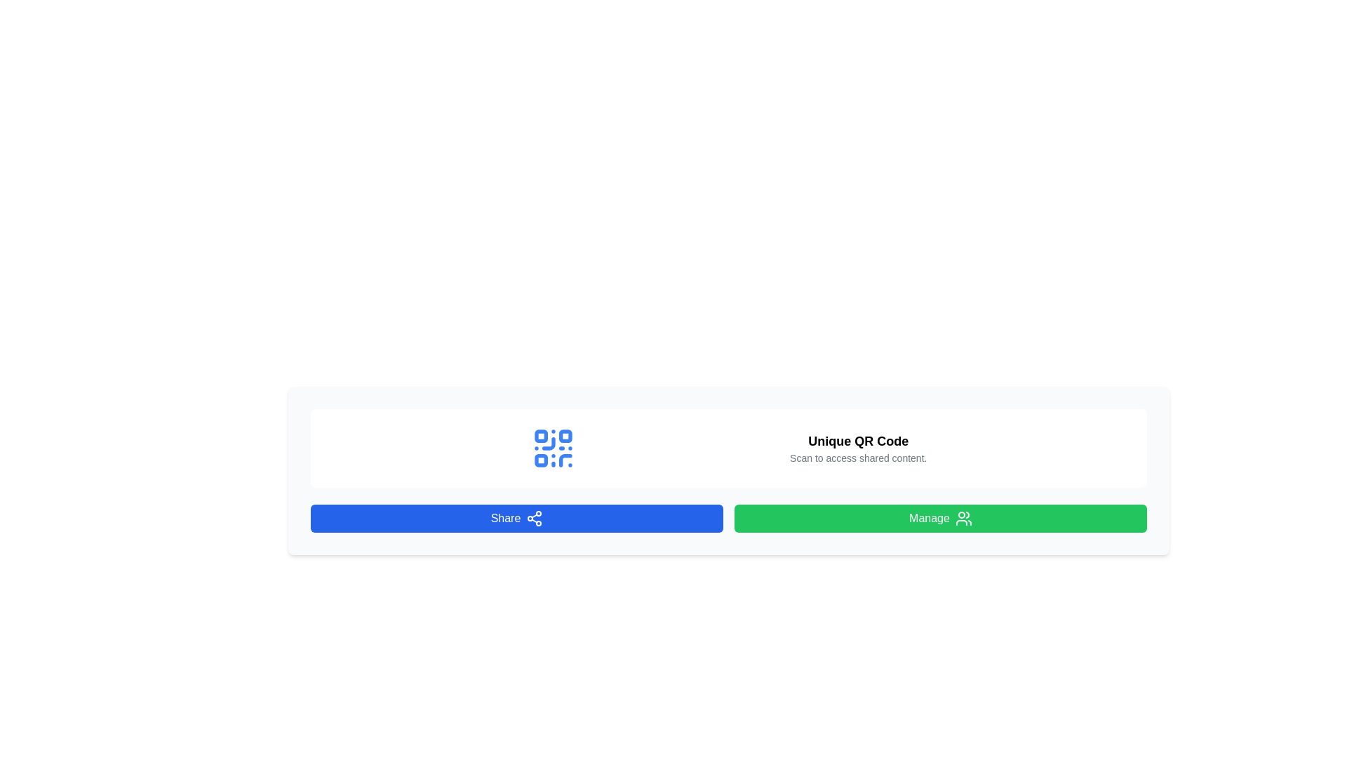 This screenshot has width=1347, height=758. Describe the element at coordinates (552, 448) in the screenshot. I see `the QR code icon located to the left of the text 'Unique QR Code' in the center region of the interface, slightly towards the top` at that location.